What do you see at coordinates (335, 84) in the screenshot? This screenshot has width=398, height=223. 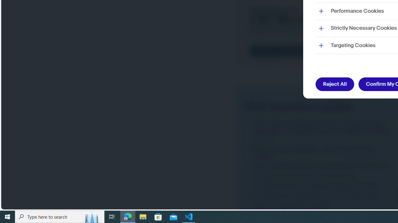 I see `'Reject All'` at bounding box center [335, 84].